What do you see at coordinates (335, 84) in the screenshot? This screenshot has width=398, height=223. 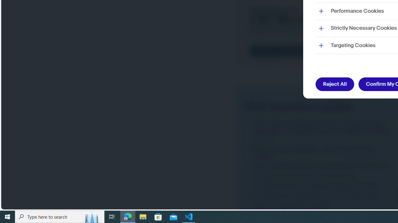 I see `'Reject All'` at bounding box center [335, 84].